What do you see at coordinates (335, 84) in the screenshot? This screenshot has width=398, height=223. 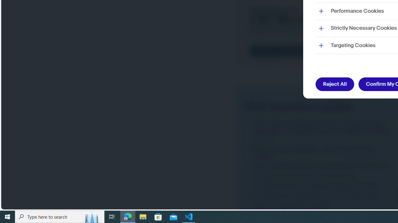 I see `'Reject All'` at bounding box center [335, 84].